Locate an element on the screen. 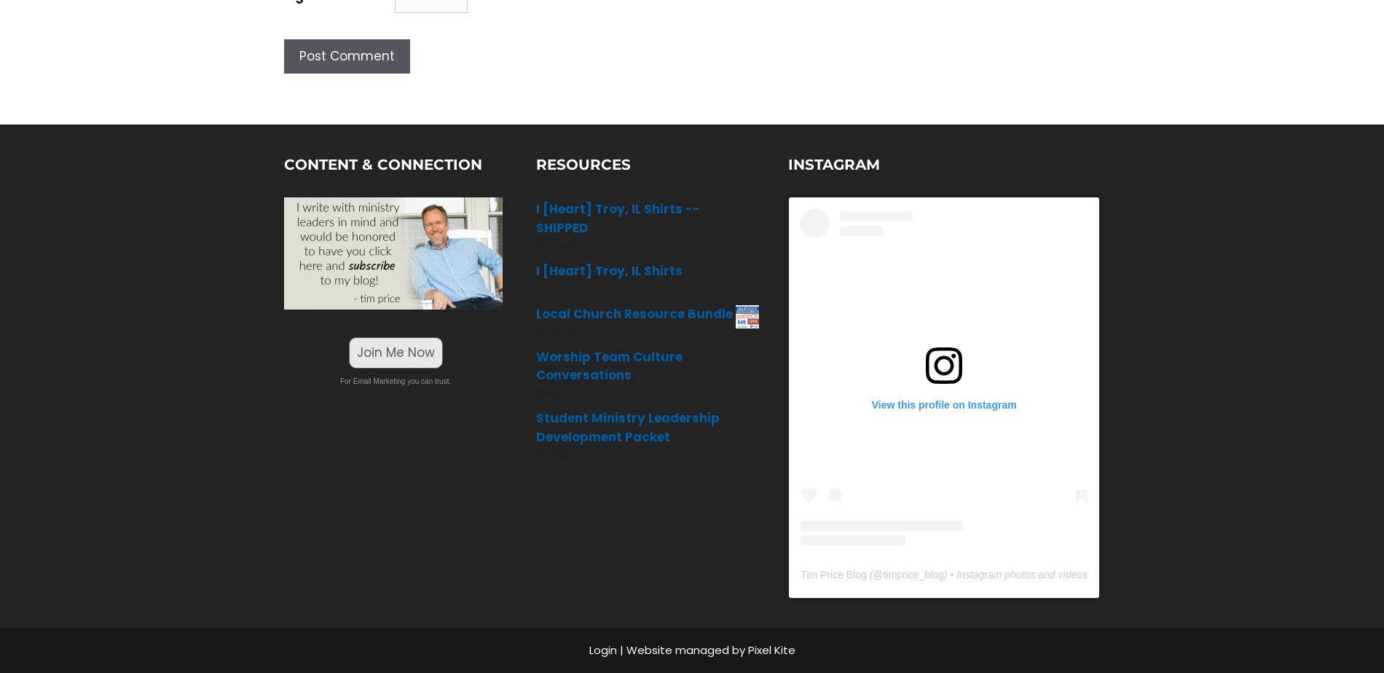 This screenshot has height=673, width=1384. 'I [Heart] Troy, IL Shirts -- SHIPPED' is located at coordinates (617, 218).